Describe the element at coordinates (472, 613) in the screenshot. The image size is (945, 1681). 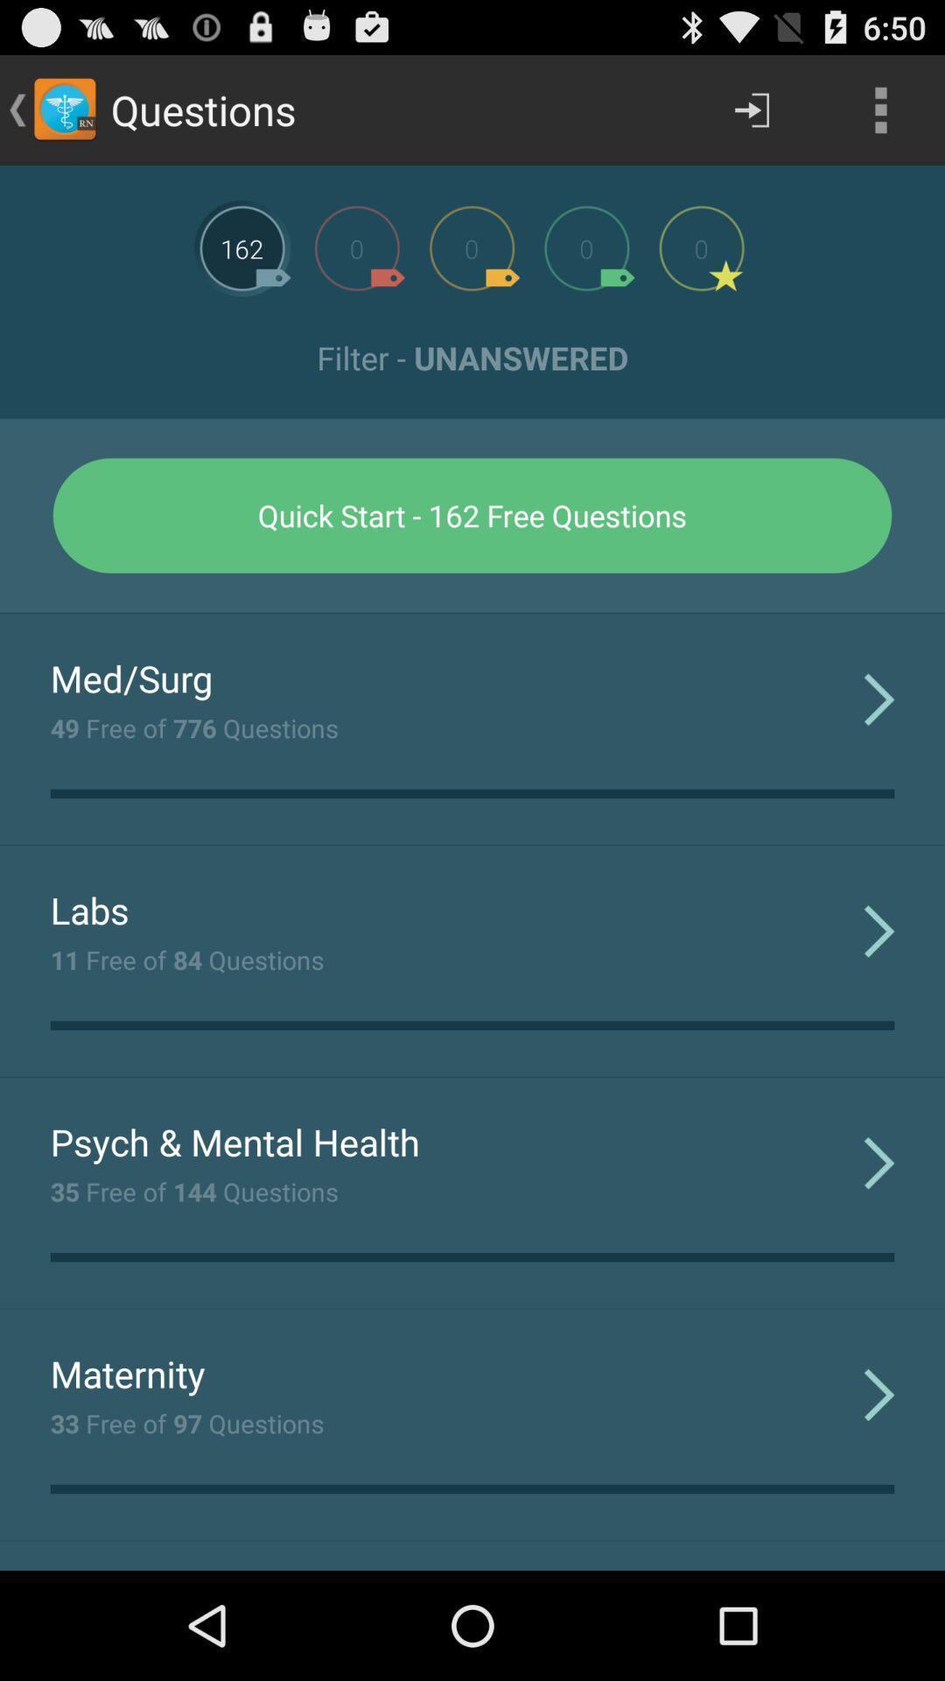
I see `the app above med/surg app` at that location.